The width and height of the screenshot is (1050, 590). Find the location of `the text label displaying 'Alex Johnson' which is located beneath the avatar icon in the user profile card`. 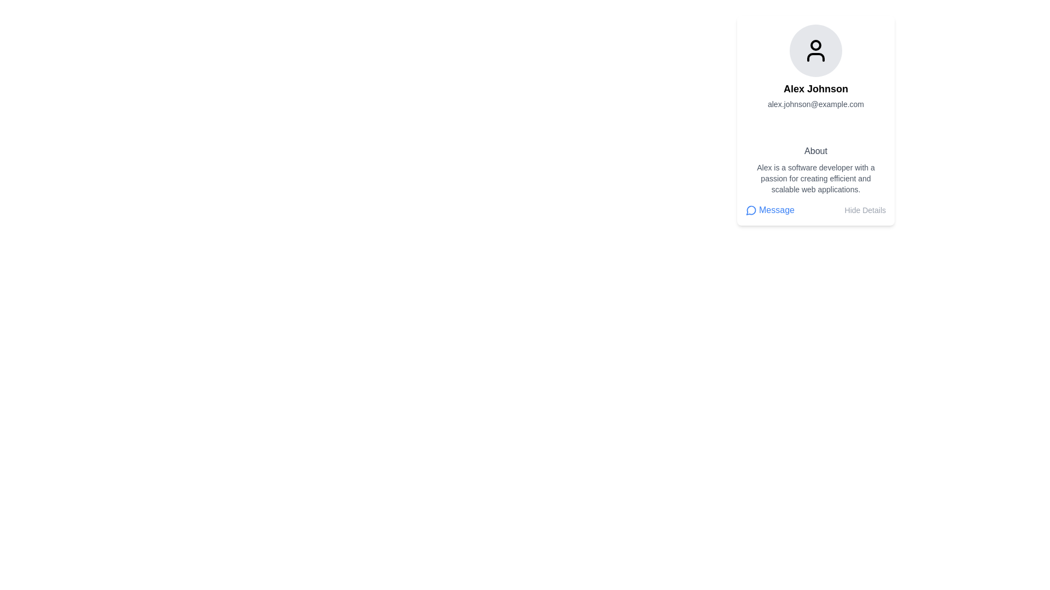

the text label displaying 'Alex Johnson' which is located beneath the avatar icon in the user profile card is located at coordinates (816, 88).